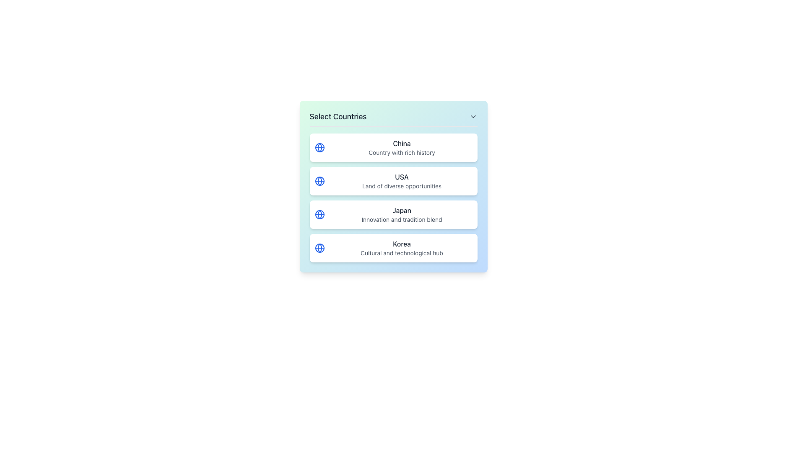  What do you see at coordinates (473, 116) in the screenshot?
I see `the downward-pointing gray chevron icon located at the top-right corner of the 'Select Countries' section` at bounding box center [473, 116].